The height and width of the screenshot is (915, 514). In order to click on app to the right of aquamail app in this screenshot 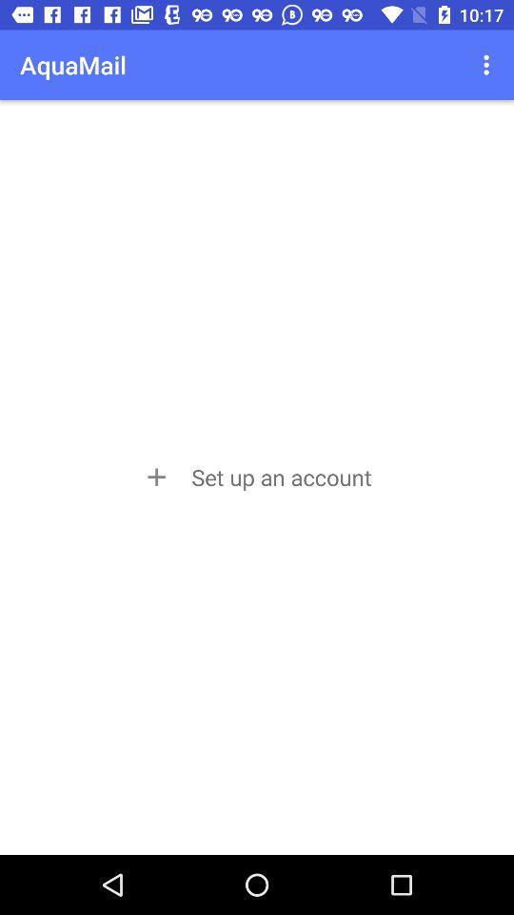, I will do `click(488, 65)`.